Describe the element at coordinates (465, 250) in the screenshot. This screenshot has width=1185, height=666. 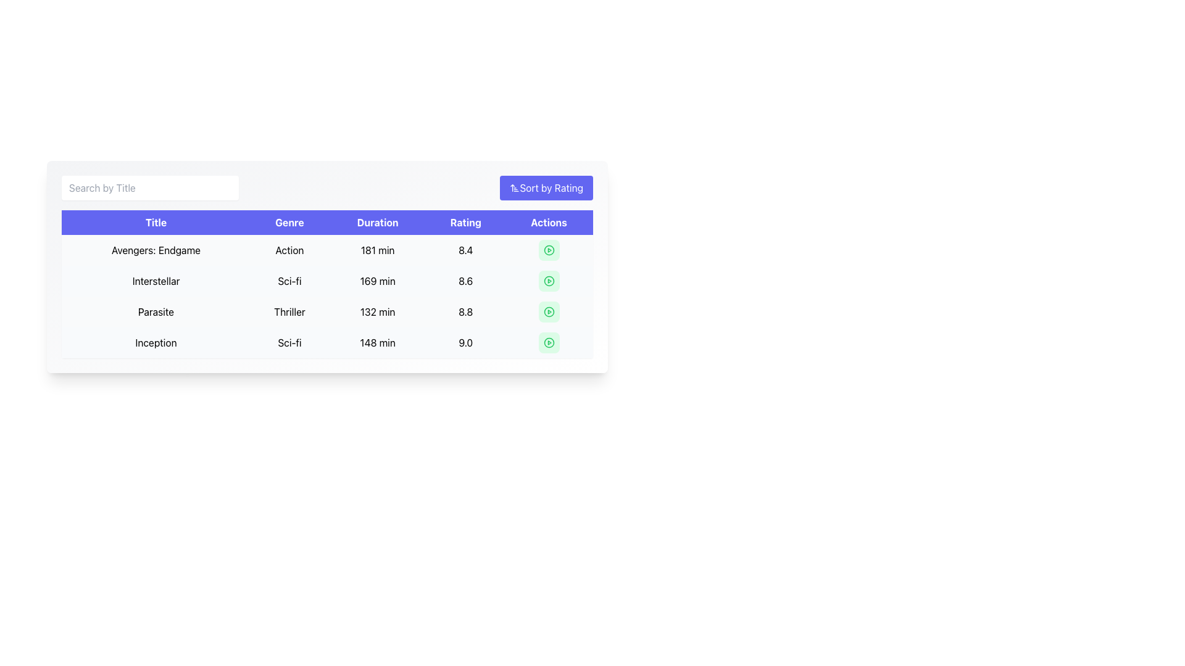
I see `the static text label displaying the rating of the movie 'Avengers: Endgame' located in the 'Rating' column of the table` at that location.